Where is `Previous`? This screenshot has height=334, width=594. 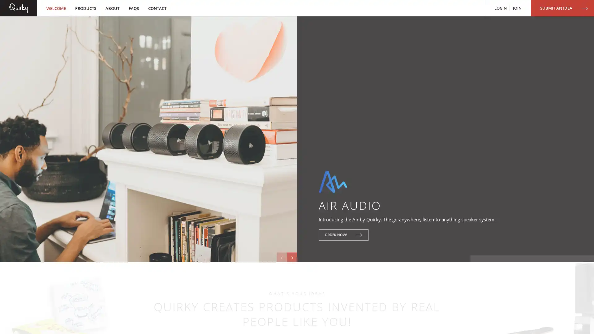
Previous is located at coordinates (278, 258).